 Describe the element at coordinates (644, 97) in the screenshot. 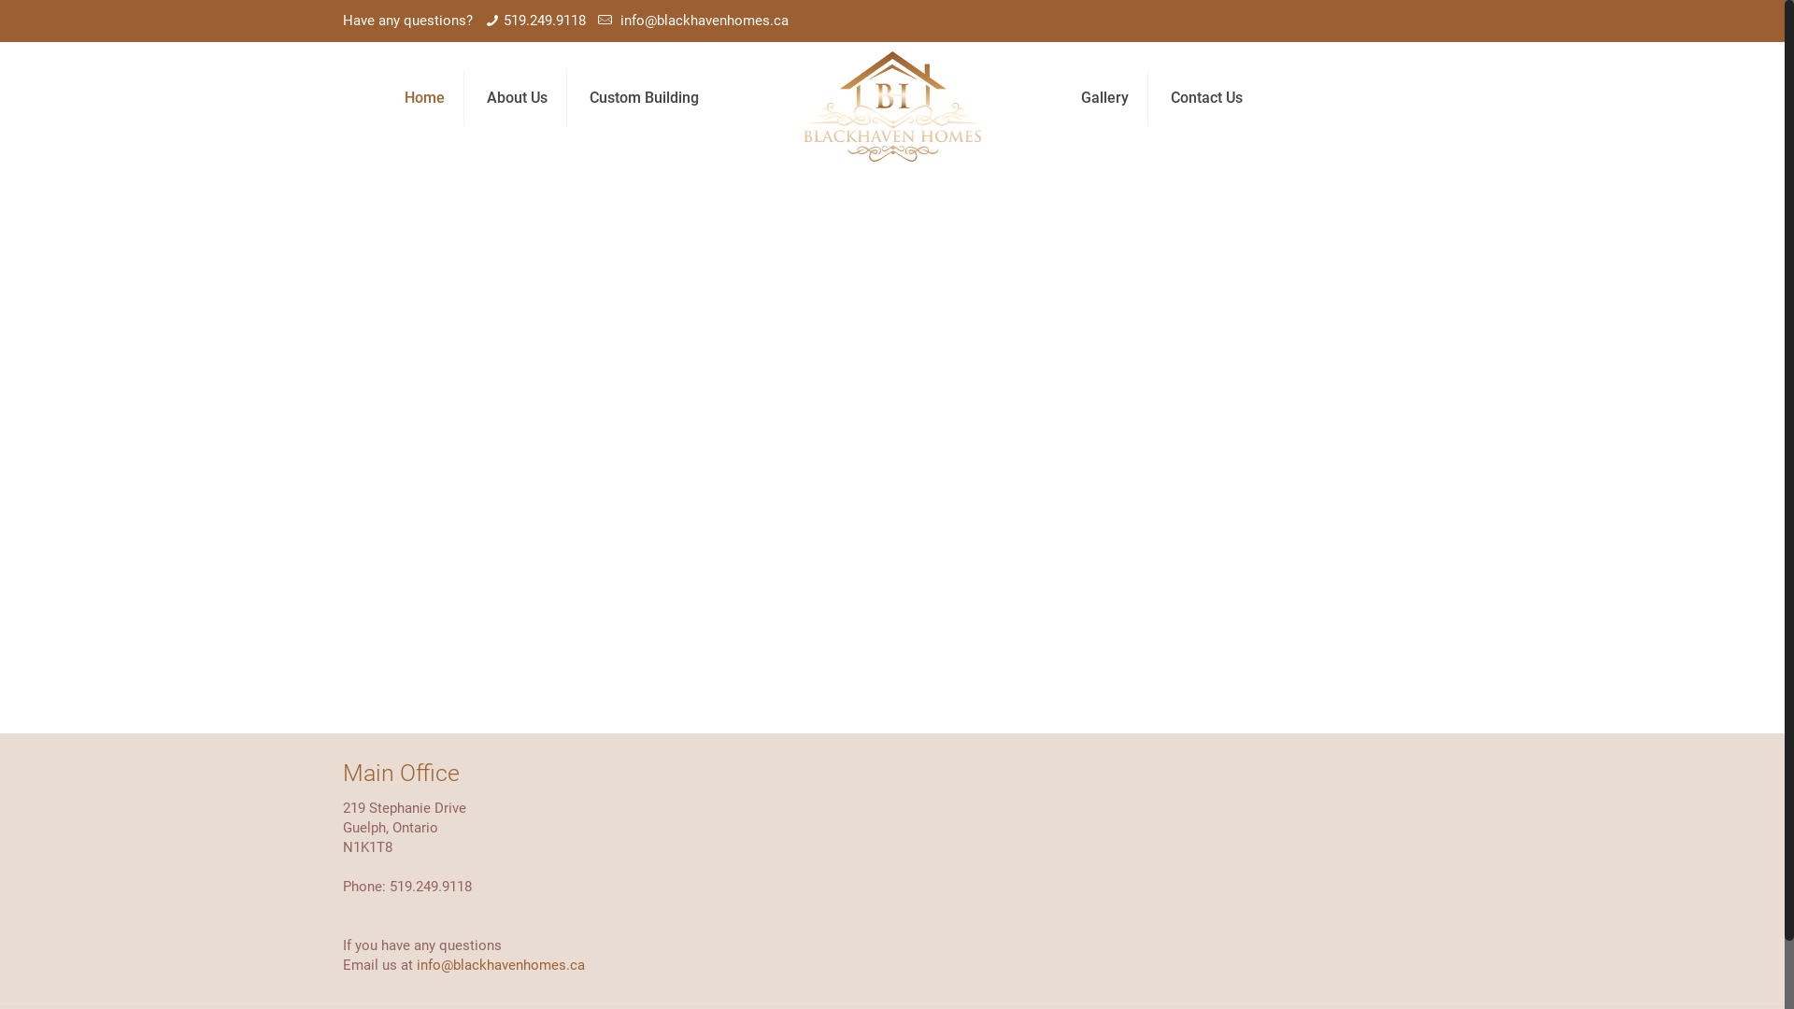

I see `'Custom Building'` at that location.